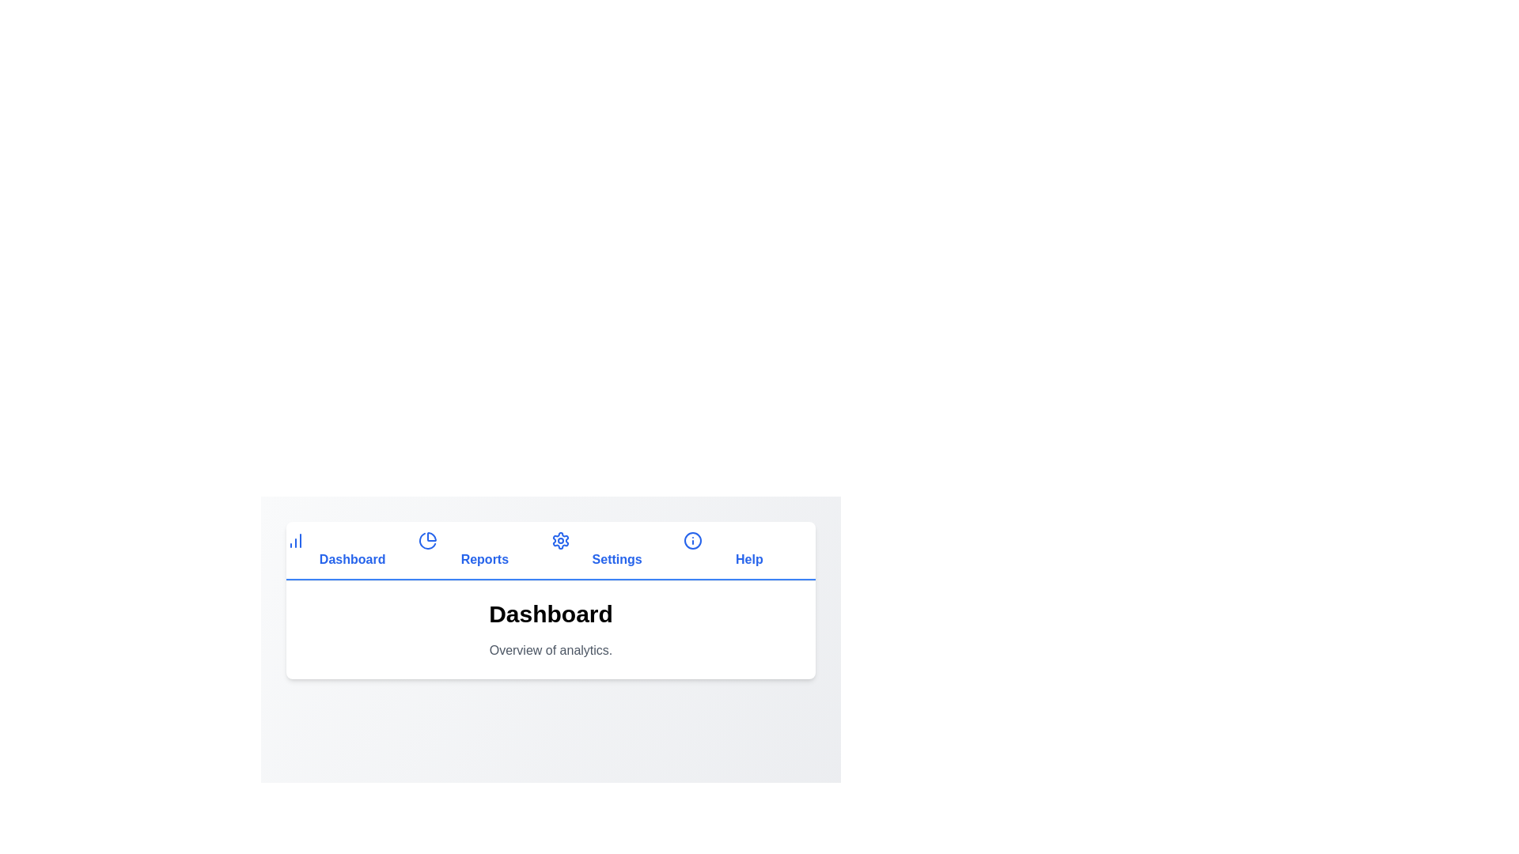 This screenshot has height=854, width=1519. What do you see at coordinates (748, 550) in the screenshot?
I see `the help button, which is the fourth menu item in the horizontal navigation bar, positioned centrally after the 'Settings' option` at bounding box center [748, 550].